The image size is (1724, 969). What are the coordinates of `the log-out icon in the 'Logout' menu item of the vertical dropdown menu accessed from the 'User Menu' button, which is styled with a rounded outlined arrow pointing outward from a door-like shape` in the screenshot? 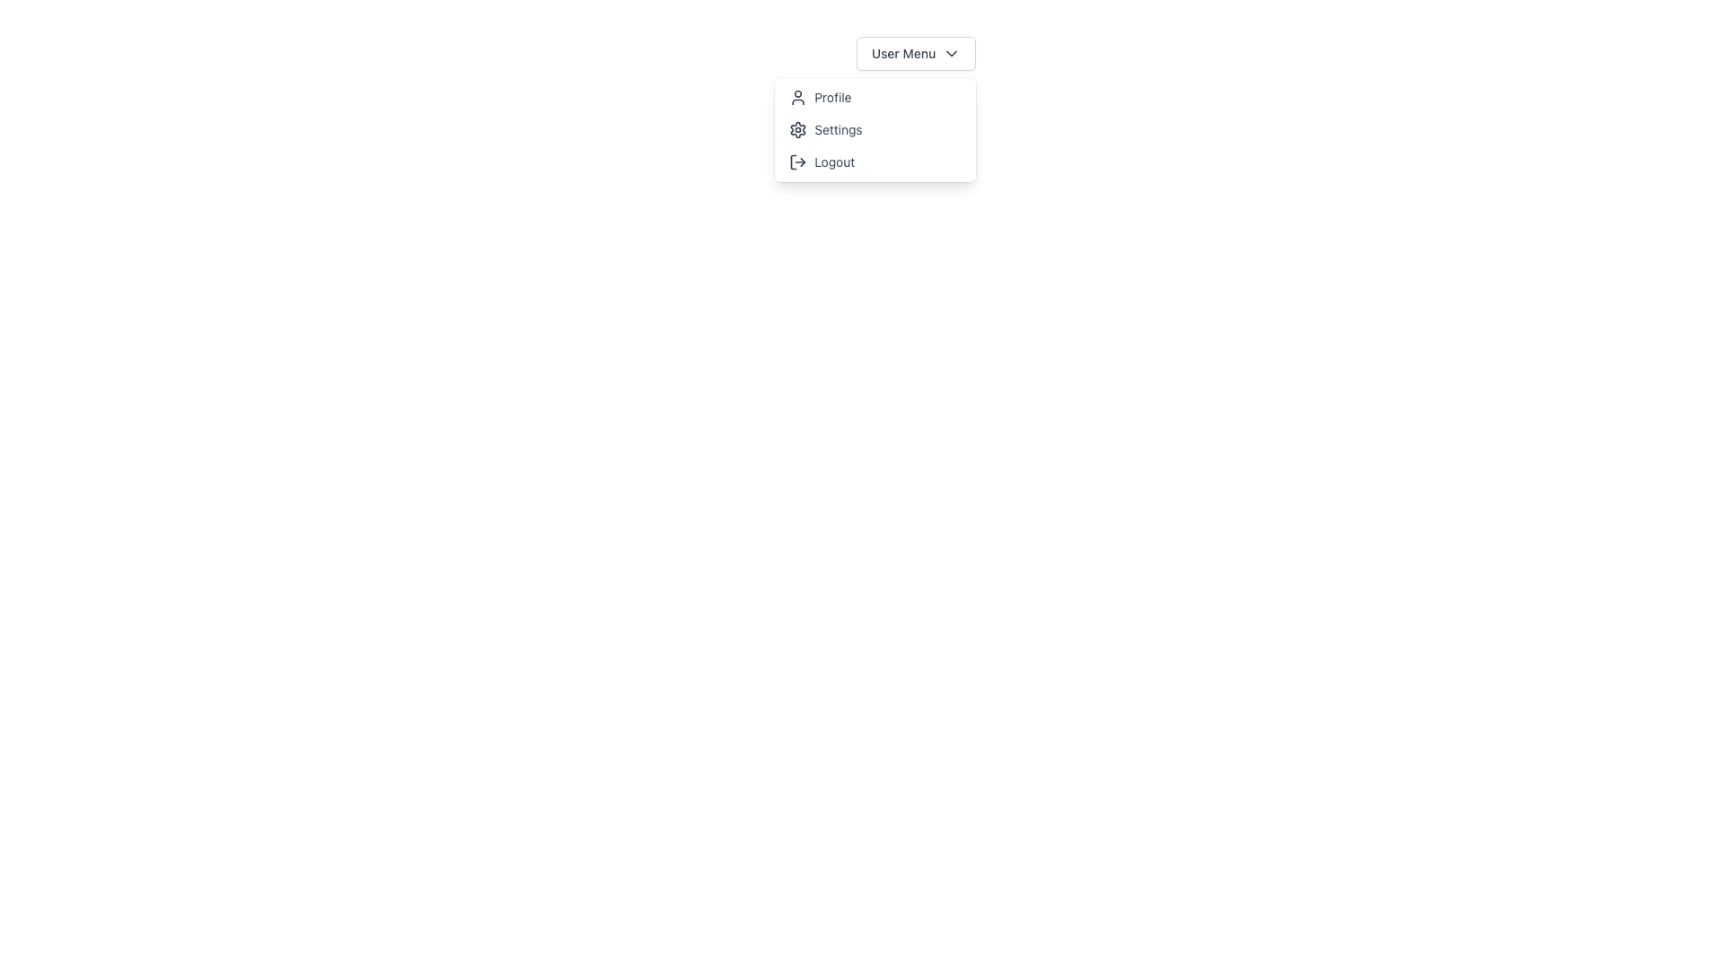 It's located at (797, 162).